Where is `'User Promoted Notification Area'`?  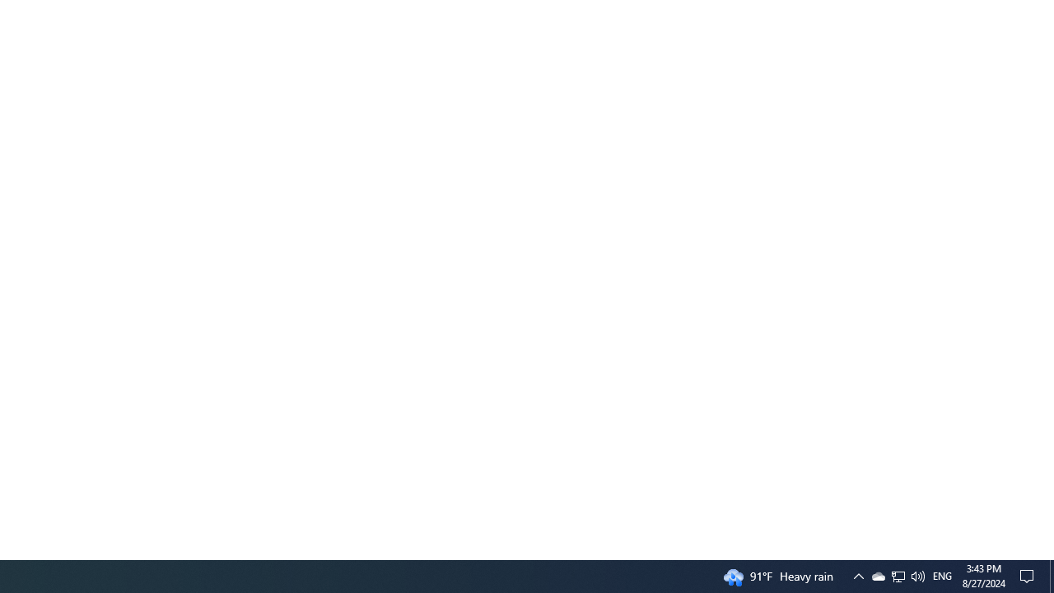
'User Promoted Notification Area' is located at coordinates (877, 575).